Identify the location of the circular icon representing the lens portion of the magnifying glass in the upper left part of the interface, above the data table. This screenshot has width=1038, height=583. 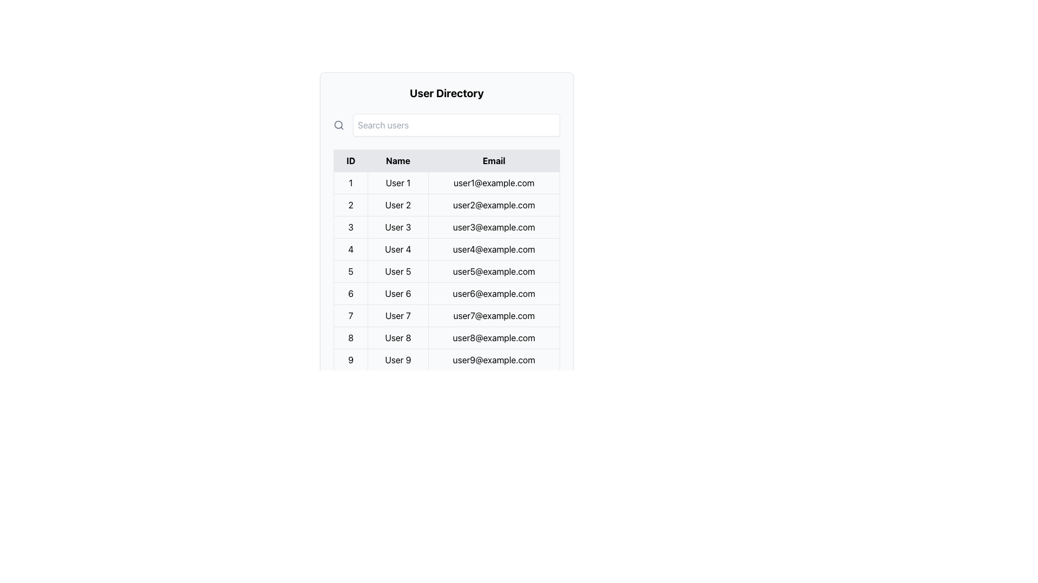
(338, 124).